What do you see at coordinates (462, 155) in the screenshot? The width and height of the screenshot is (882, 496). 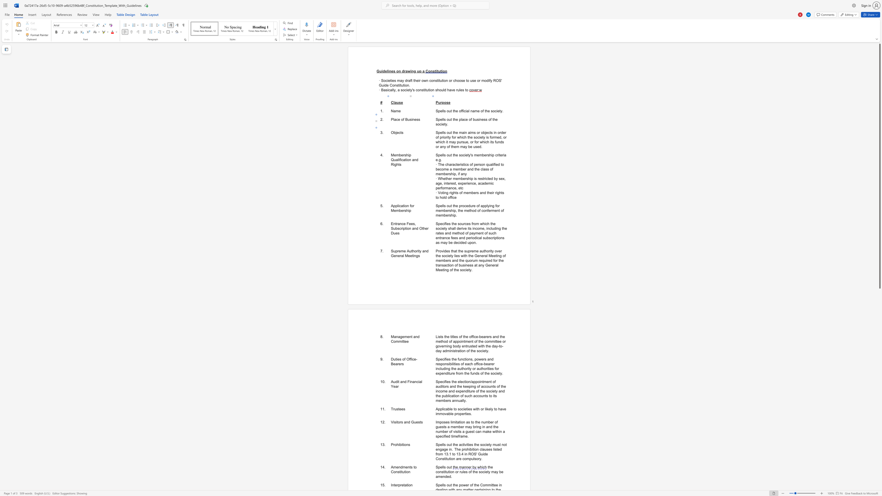 I see `the 2th character "o" in the text` at bounding box center [462, 155].